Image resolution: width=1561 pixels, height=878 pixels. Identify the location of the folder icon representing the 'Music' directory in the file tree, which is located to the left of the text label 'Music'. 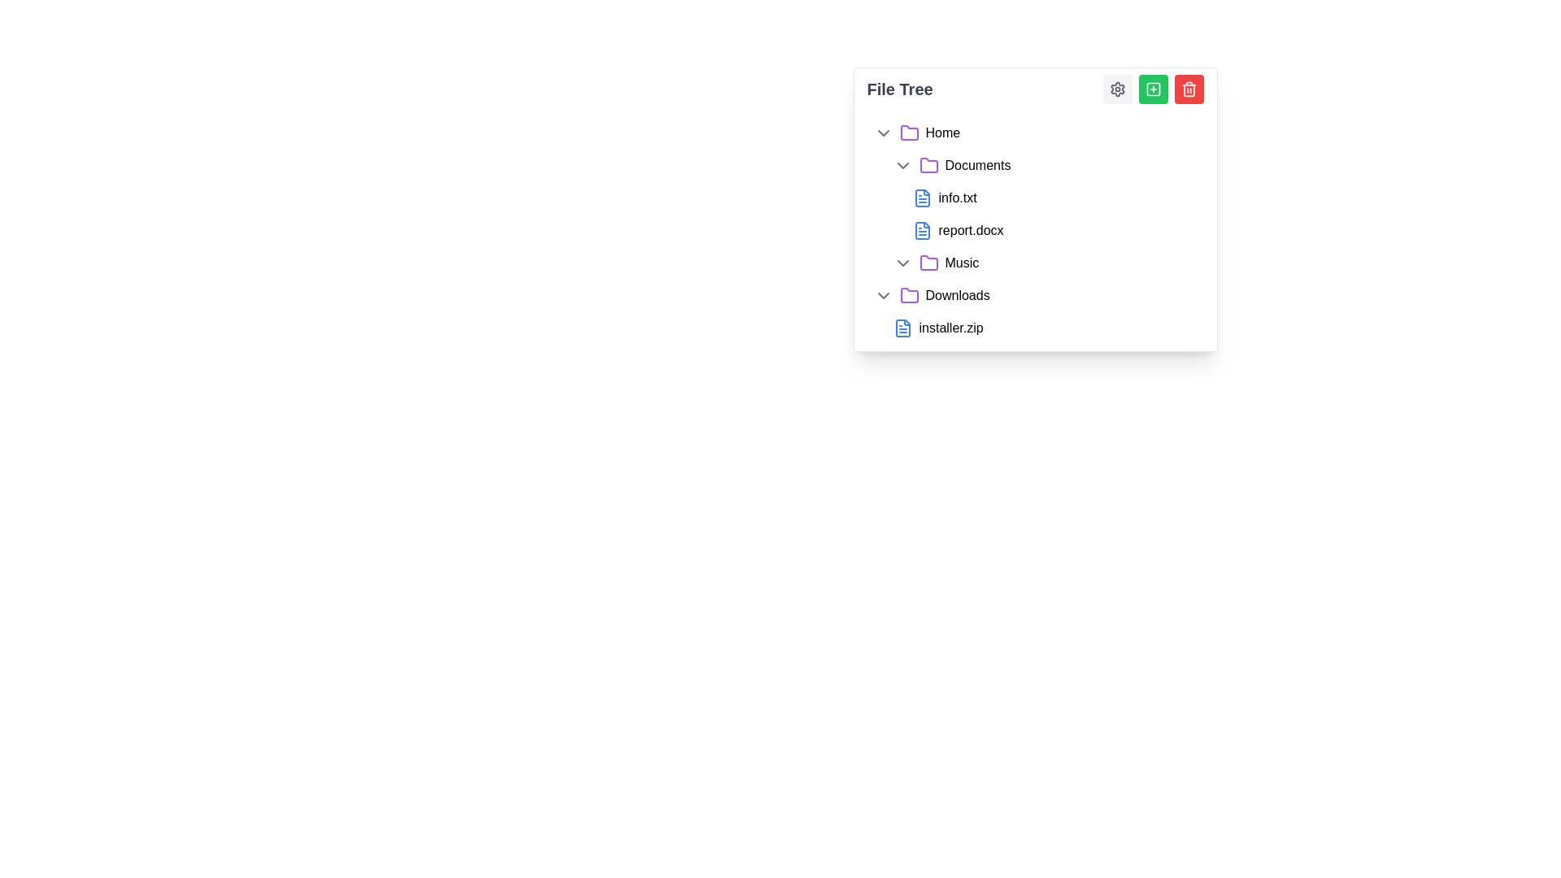
(928, 262).